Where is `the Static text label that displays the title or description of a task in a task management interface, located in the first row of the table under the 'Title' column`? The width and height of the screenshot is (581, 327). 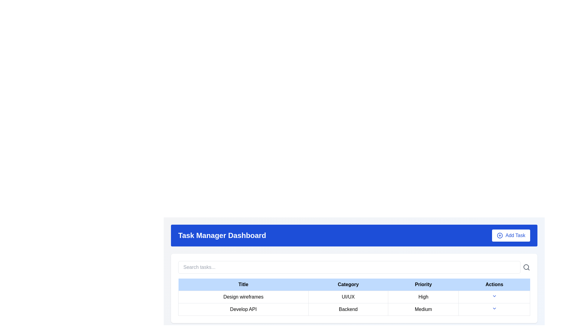
the Static text label that displays the title or description of a task in a task management interface, located in the first row of the table under the 'Title' column is located at coordinates (243, 296).